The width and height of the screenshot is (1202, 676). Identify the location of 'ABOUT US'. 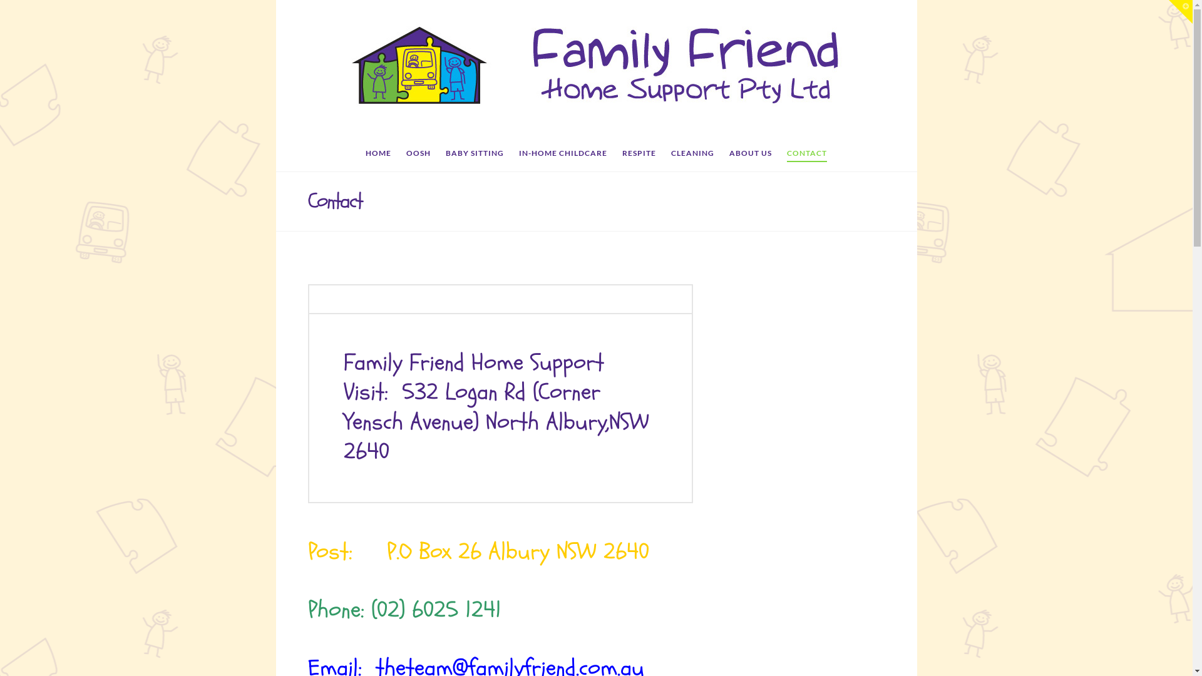
(751, 155).